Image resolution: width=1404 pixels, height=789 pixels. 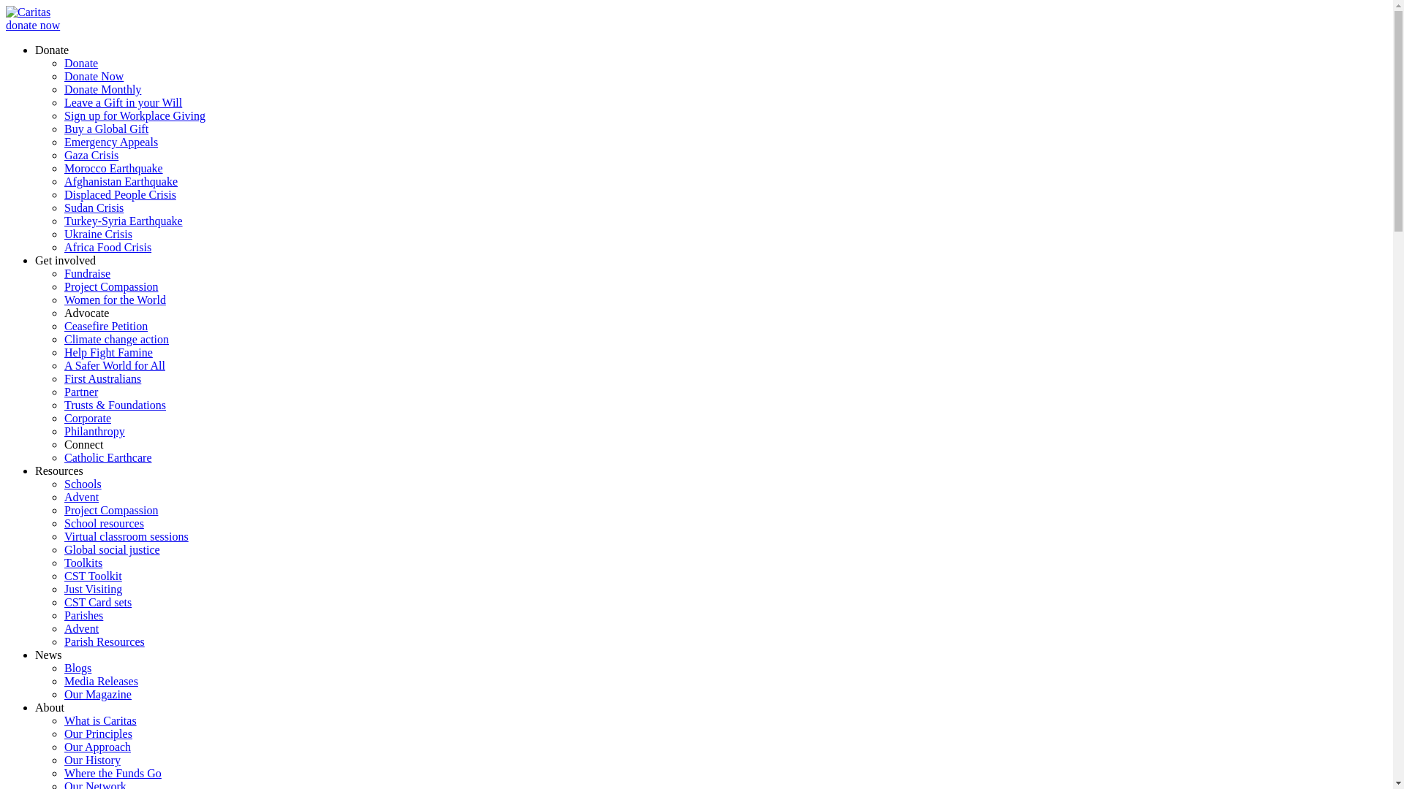 I want to click on 'CST Toolkit', so click(x=92, y=575).